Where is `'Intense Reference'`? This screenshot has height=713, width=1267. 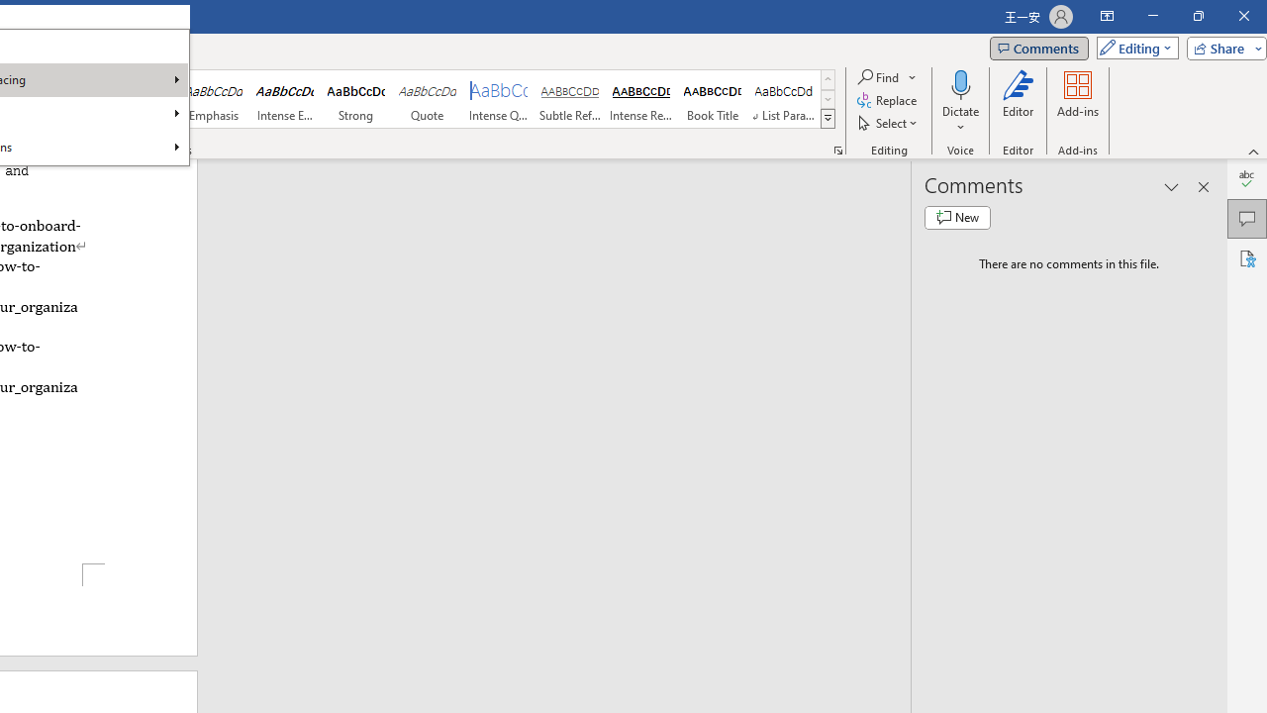
'Intense Reference' is located at coordinates (640, 99).